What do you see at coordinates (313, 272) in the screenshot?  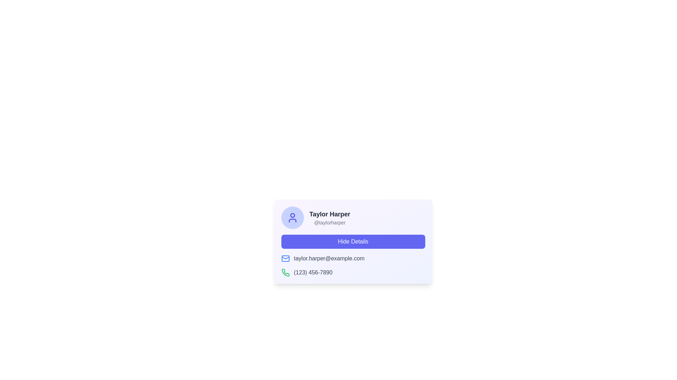 I see `the static text displaying the phone number '(123) 456-7890', which is styled in gray and located to the right of a green-colored phone icon` at bounding box center [313, 272].